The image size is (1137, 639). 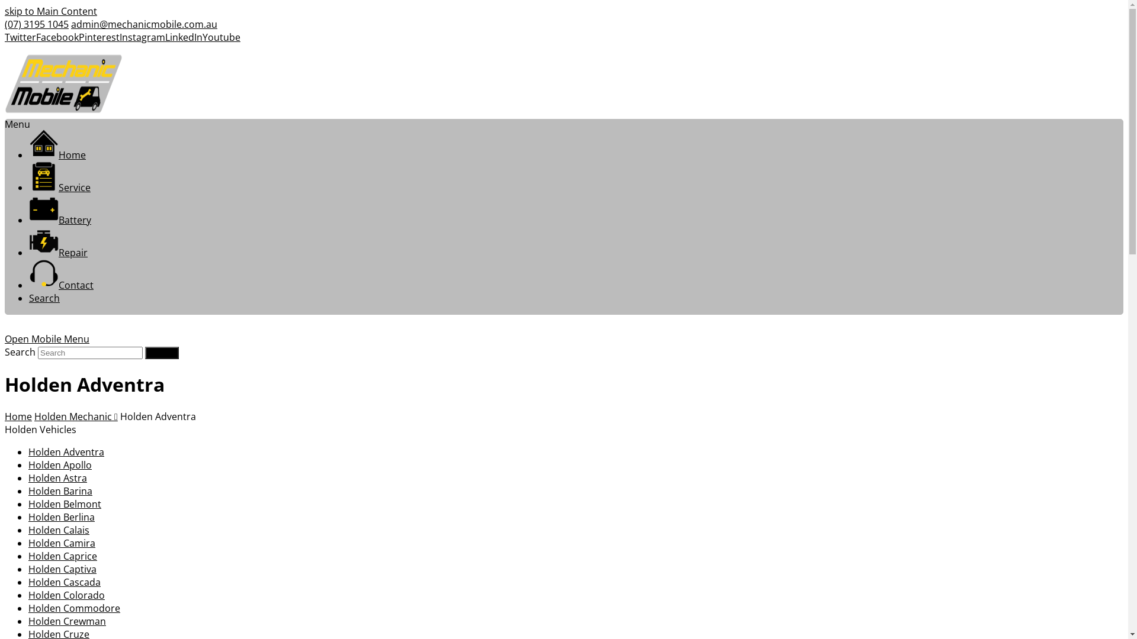 What do you see at coordinates (59, 490) in the screenshot?
I see `'Holden Barina'` at bounding box center [59, 490].